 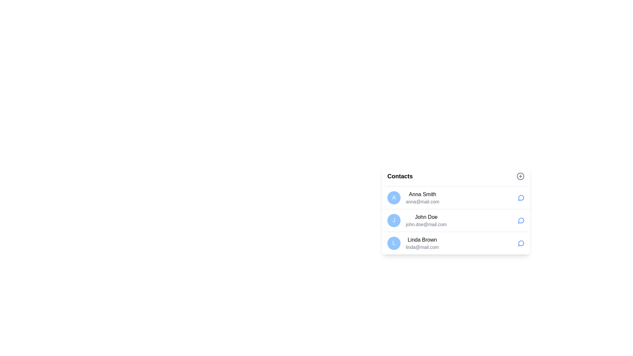 What do you see at coordinates (455, 243) in the screenshot?
I see `the third list item representing a user's profile in the contact list` at bounding box center [455, 243].